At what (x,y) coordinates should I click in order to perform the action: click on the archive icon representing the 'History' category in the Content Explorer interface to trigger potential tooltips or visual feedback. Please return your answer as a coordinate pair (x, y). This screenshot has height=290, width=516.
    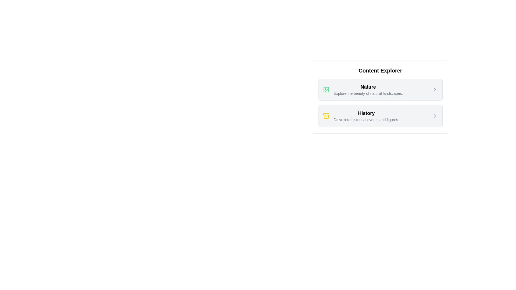
    Looking at the image, I should click on (326, 116).